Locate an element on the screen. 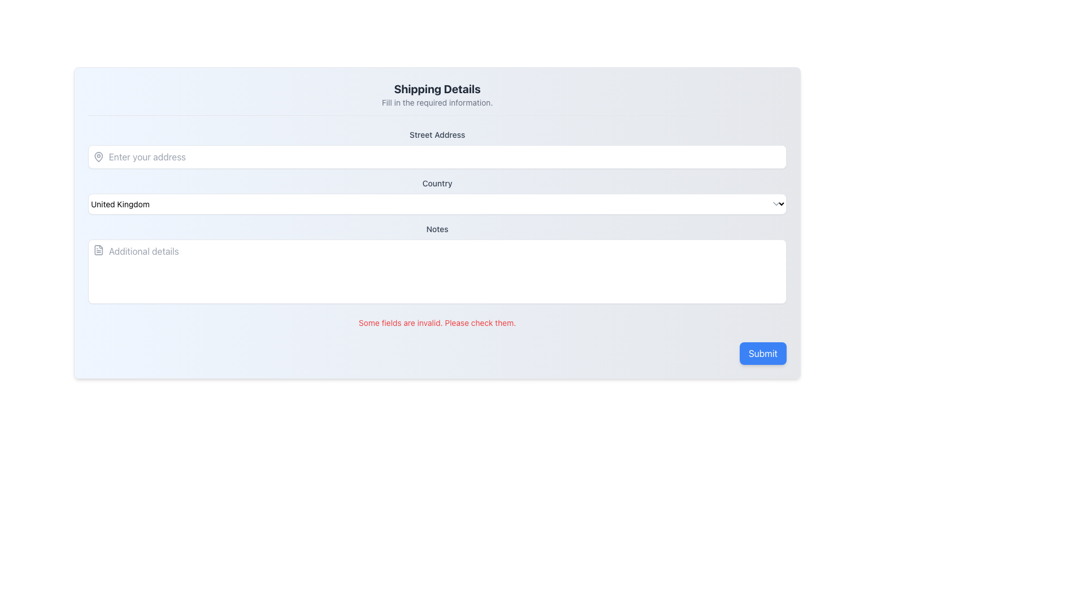 This screenshot has height=610, width=1085. the error message text element that informs the user of validation errors in the form fields to potentially view more information is located at coordinates (436, 323).